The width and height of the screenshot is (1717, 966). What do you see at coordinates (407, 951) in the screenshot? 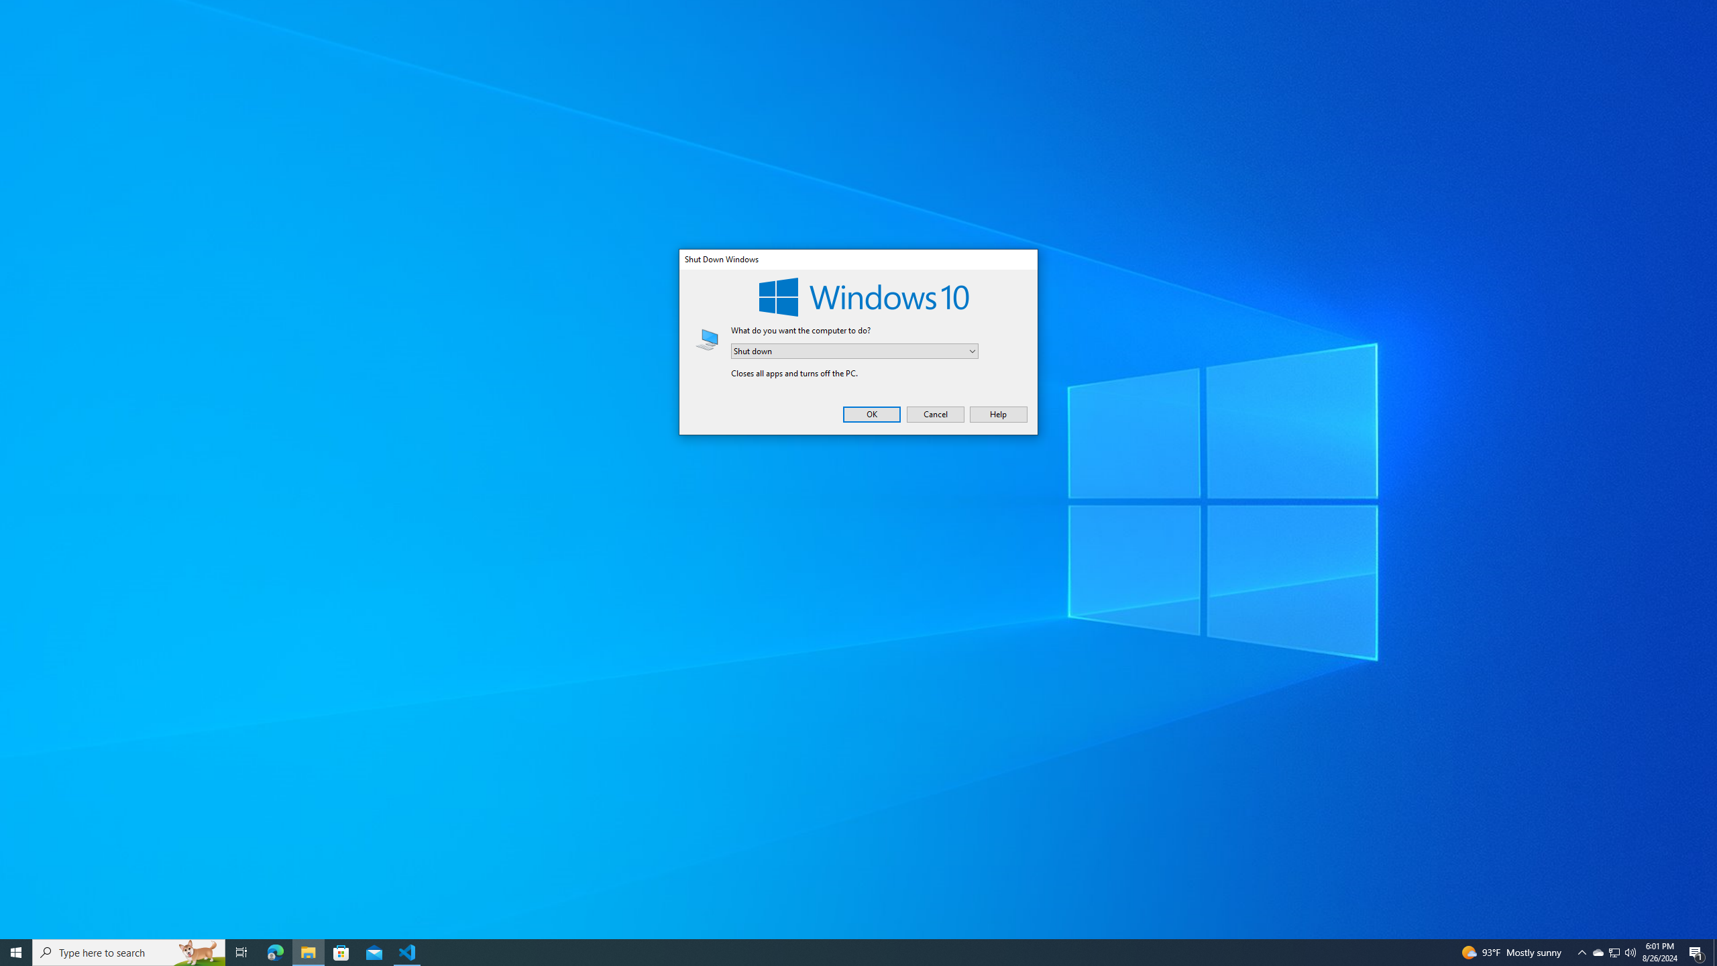
I see `'Visual Studio Code - 1 running window'` at bounding box center [407, 951].